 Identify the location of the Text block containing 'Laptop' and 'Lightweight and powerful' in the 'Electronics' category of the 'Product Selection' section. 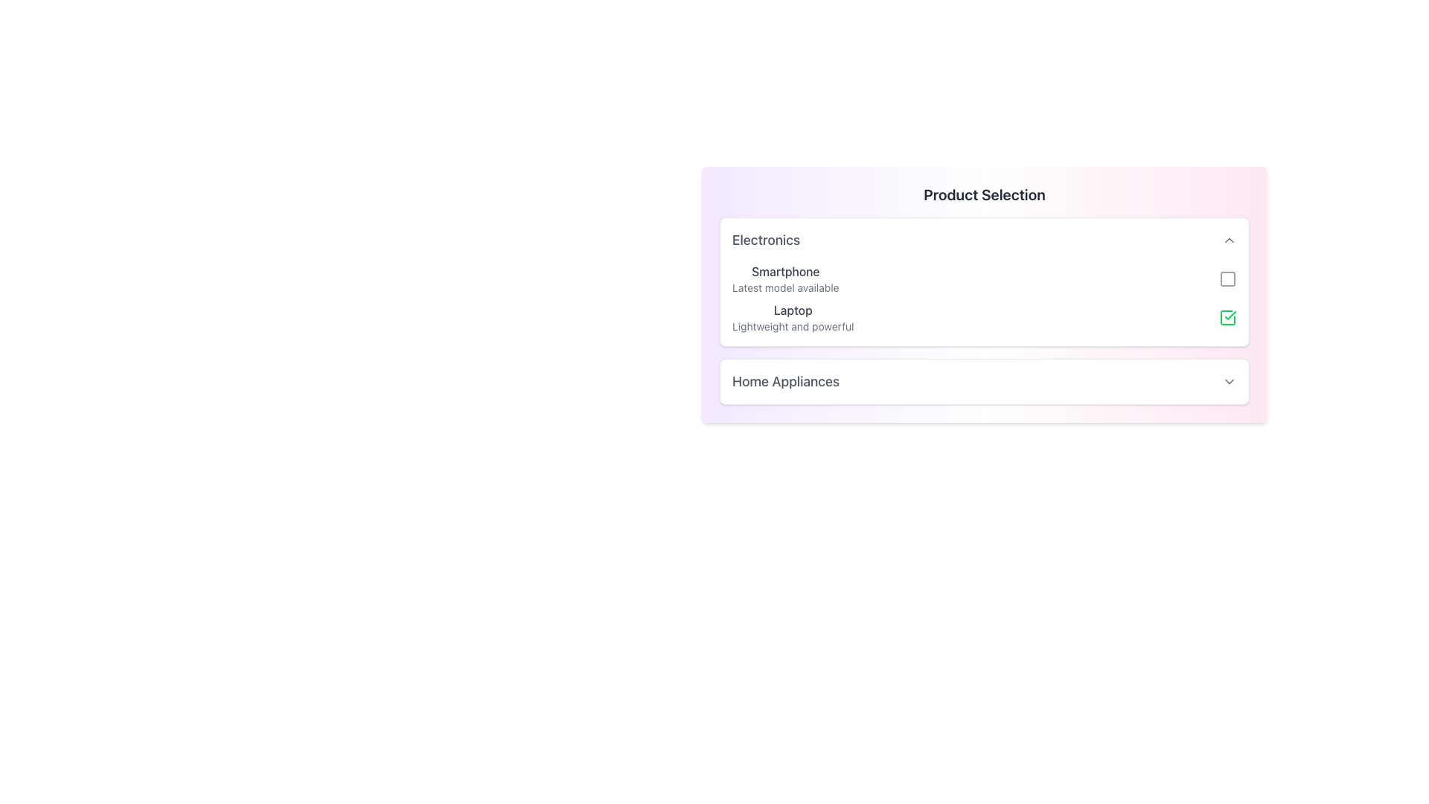
(792, 317).